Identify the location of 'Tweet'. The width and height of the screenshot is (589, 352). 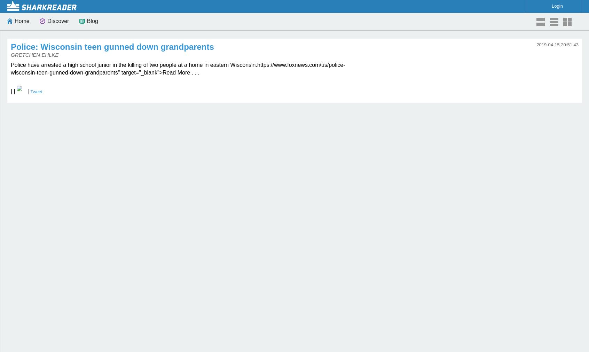
(36, 92).